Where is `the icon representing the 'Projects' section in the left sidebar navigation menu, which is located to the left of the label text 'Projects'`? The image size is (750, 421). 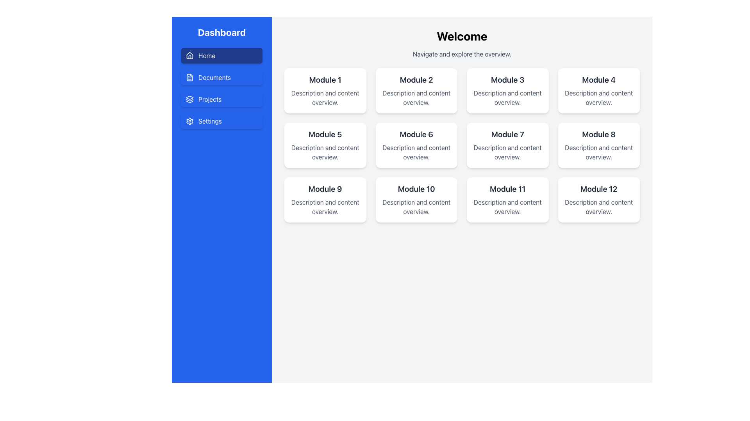
the icon representing the 'Projects' section in the left sidebar navigation menu, which is located to the left of the label text 'Projects' is located at coordinates (189, 99).